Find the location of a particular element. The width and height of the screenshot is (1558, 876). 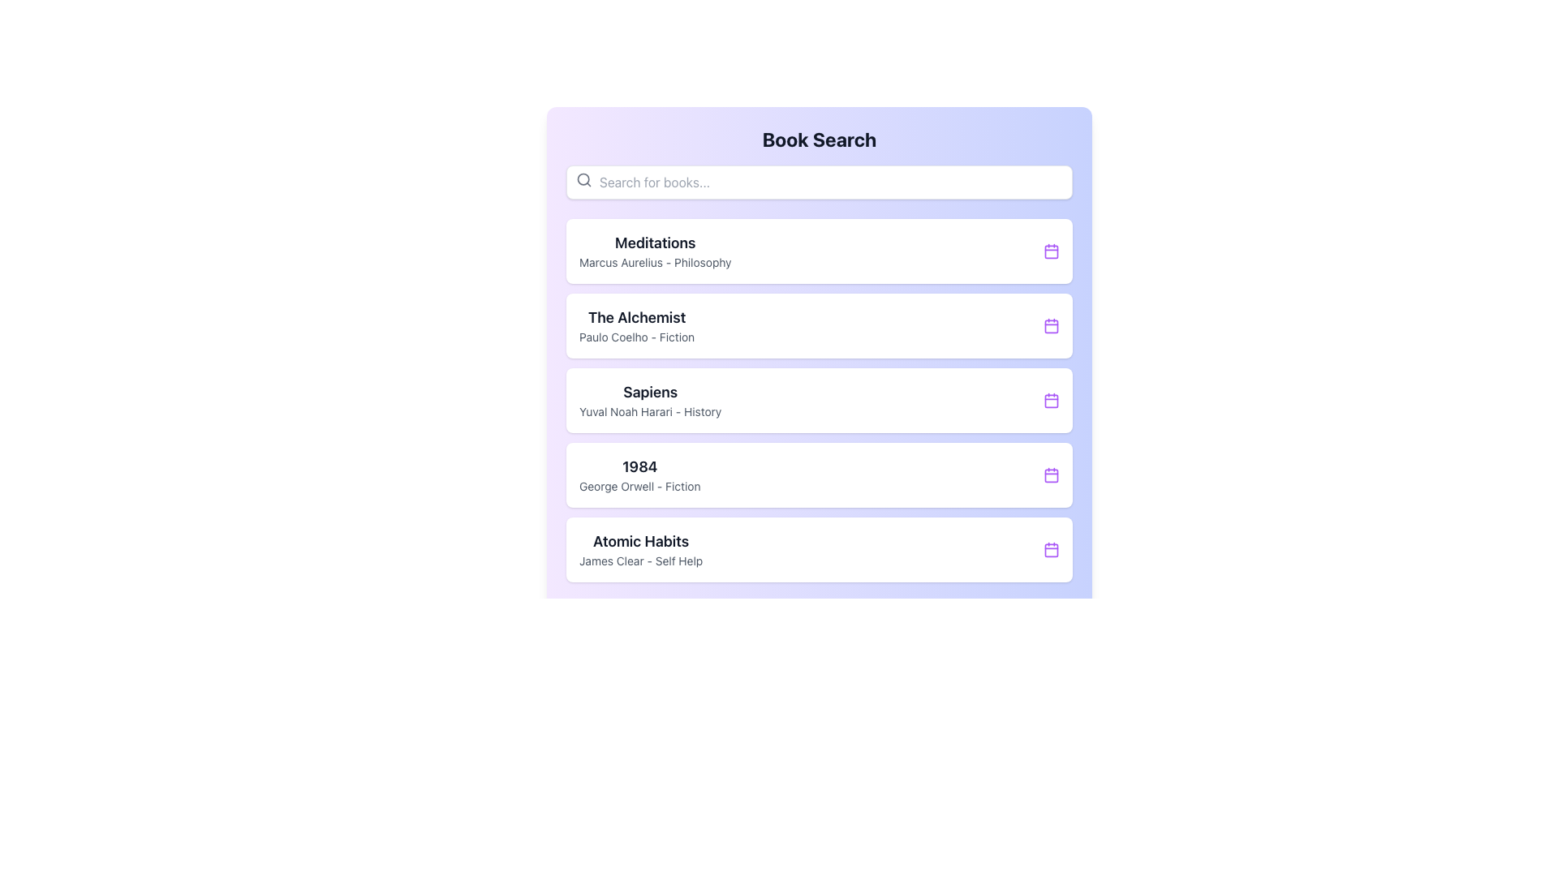

the magnifying glass icon, which is located to the left of the search input field and is commonly associated with a search function is located at coordinates (584, 180).